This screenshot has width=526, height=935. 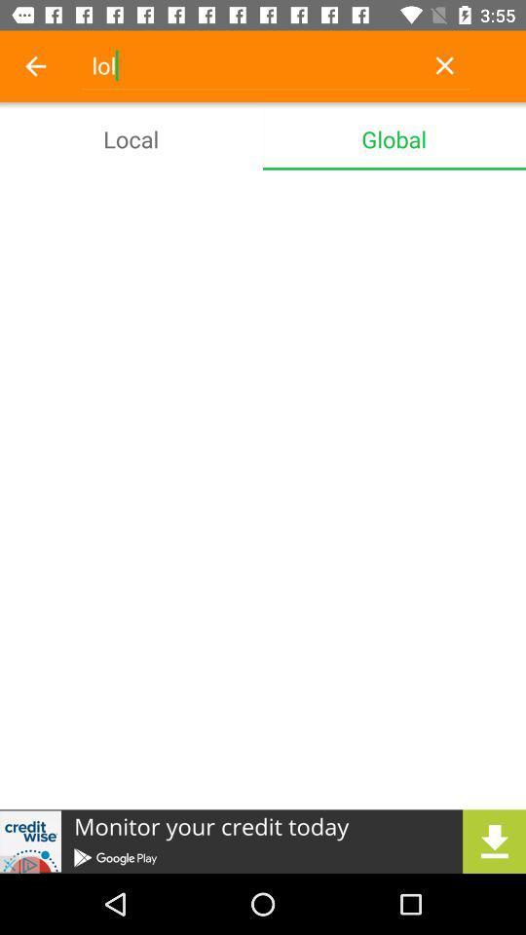 What do you see at coordinates (263, 841) in the screenshot?
I see `banner` at bounding box center [263, 841].